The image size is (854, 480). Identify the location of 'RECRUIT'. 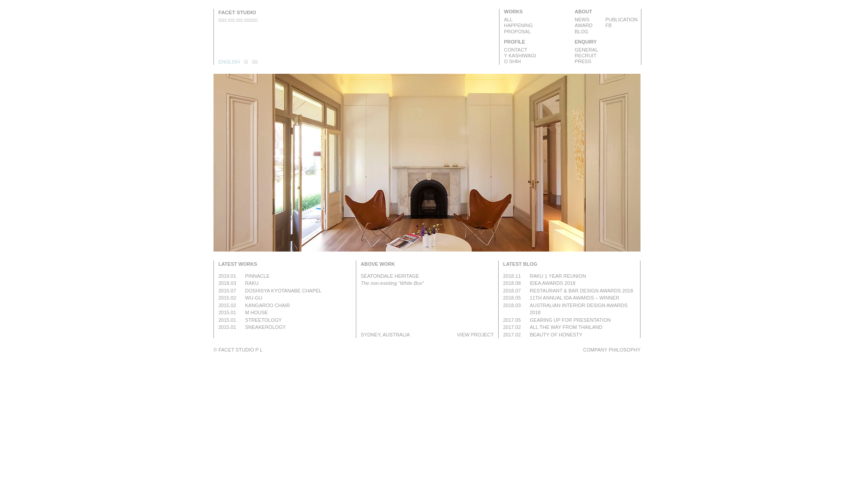
(574, 56).